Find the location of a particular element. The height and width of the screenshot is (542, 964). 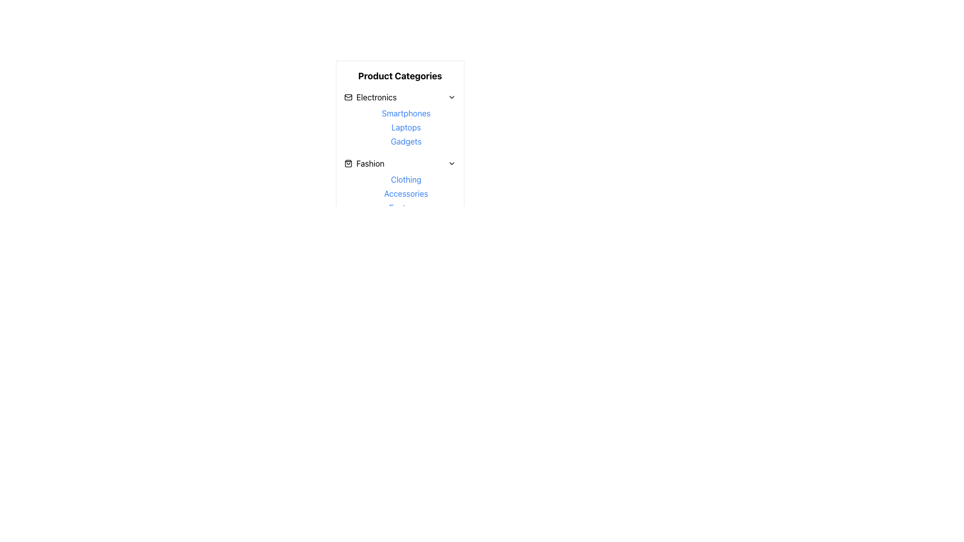

the 'Product Categories' section in the sidebar navigation panel is located at coordinates (399, 147).